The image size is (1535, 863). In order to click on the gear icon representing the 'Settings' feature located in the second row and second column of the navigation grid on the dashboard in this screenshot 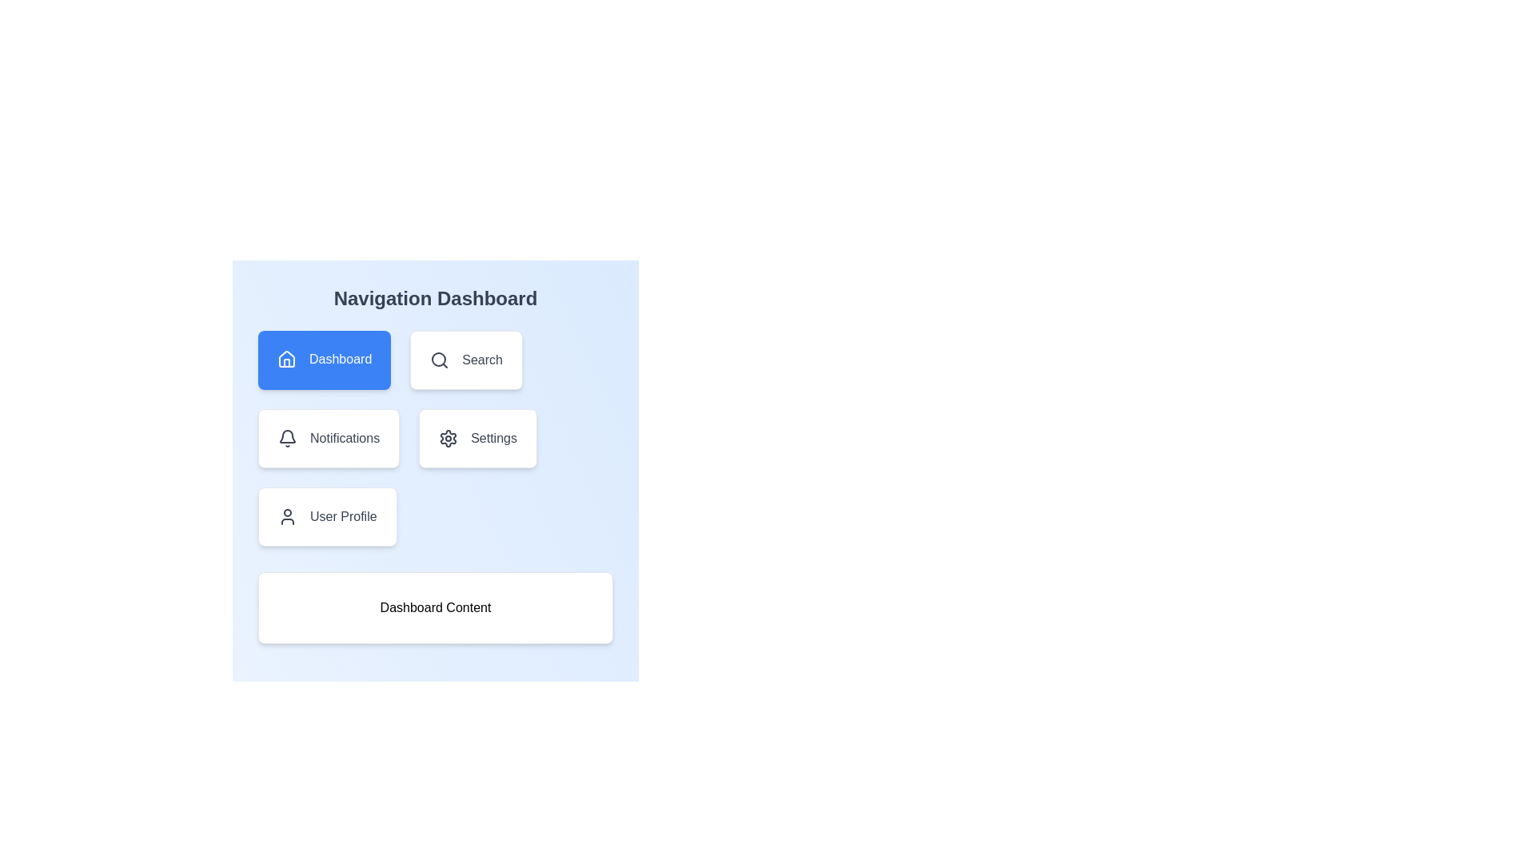, I will do `click(448, 438)`.